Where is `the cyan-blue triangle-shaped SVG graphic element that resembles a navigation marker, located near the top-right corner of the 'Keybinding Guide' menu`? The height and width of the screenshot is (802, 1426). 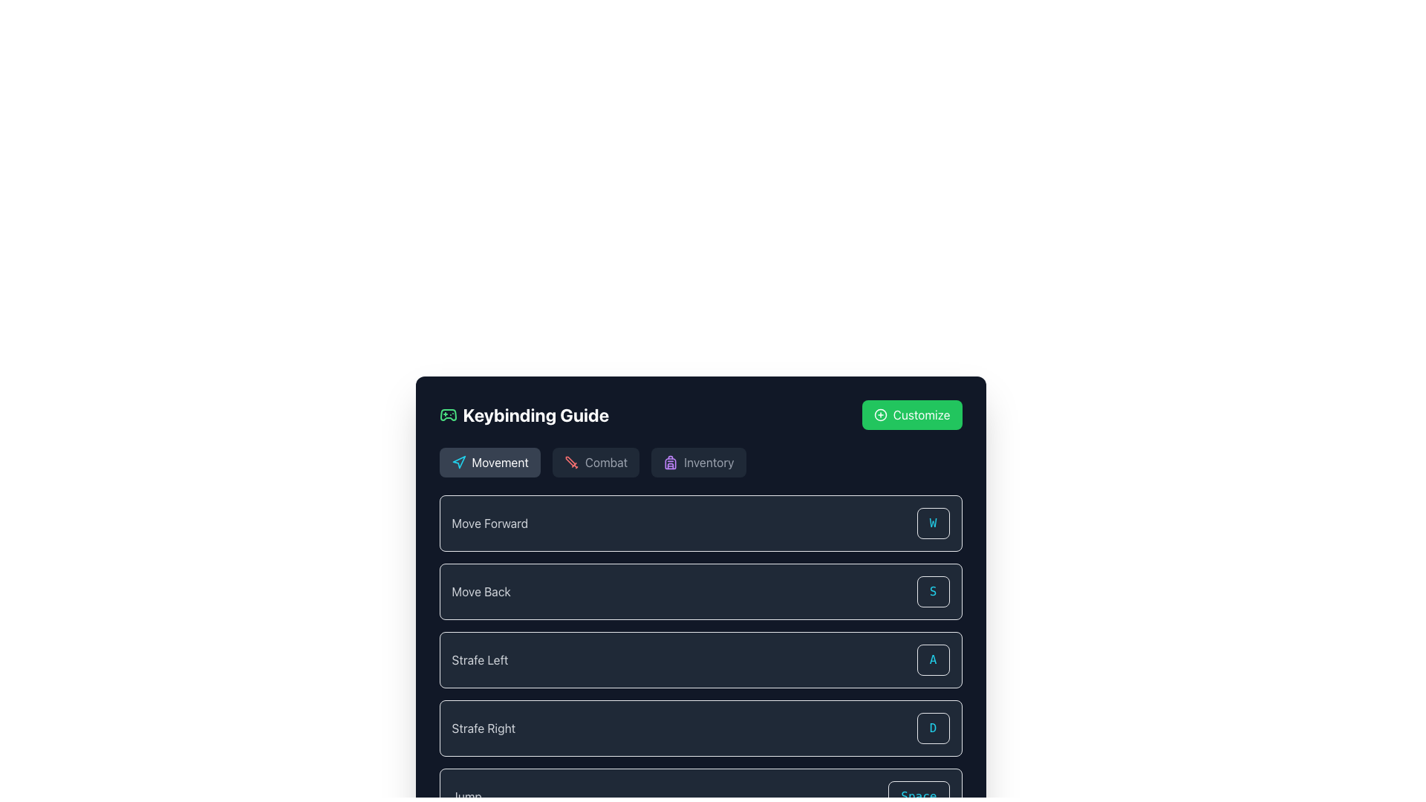
the cyan-blue triangle-shaped SVG graphic element that resembles a navigation marker, located near the top-right corner of the 'Keybinding Guide' menu is located at coordinates (458, 461).